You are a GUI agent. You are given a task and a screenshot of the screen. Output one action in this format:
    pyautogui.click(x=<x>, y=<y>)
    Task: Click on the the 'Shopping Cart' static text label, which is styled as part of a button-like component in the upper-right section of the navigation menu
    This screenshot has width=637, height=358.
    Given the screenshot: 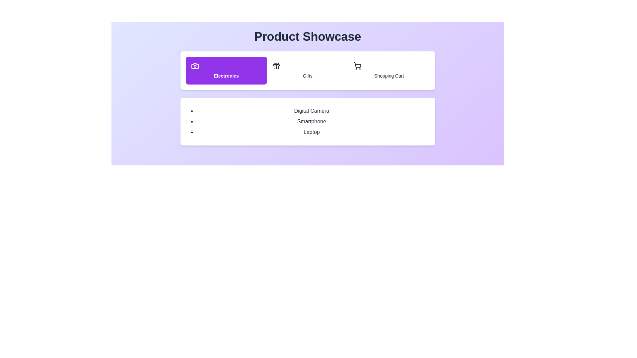 What is the action you would take?
    pyautogui.click(x=389, y=75)
    